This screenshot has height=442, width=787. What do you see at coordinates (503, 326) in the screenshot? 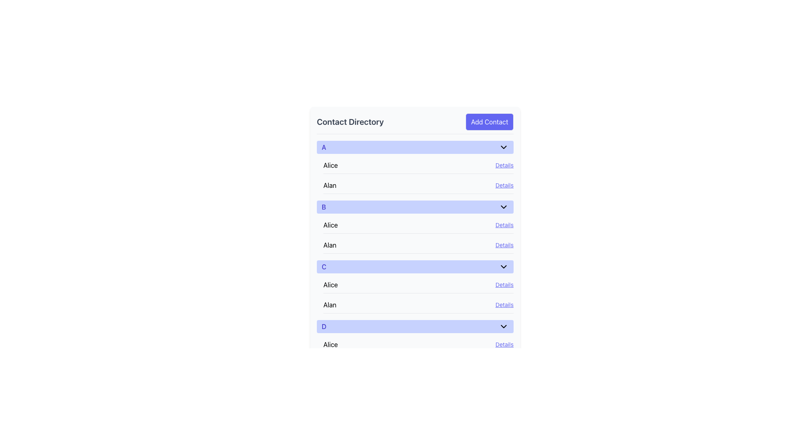
I see `the downward-pointing chevron icon in the collapsible section header labeled 'D', which is displayed in black on a light indigo background` at bounding box center [503, 326].